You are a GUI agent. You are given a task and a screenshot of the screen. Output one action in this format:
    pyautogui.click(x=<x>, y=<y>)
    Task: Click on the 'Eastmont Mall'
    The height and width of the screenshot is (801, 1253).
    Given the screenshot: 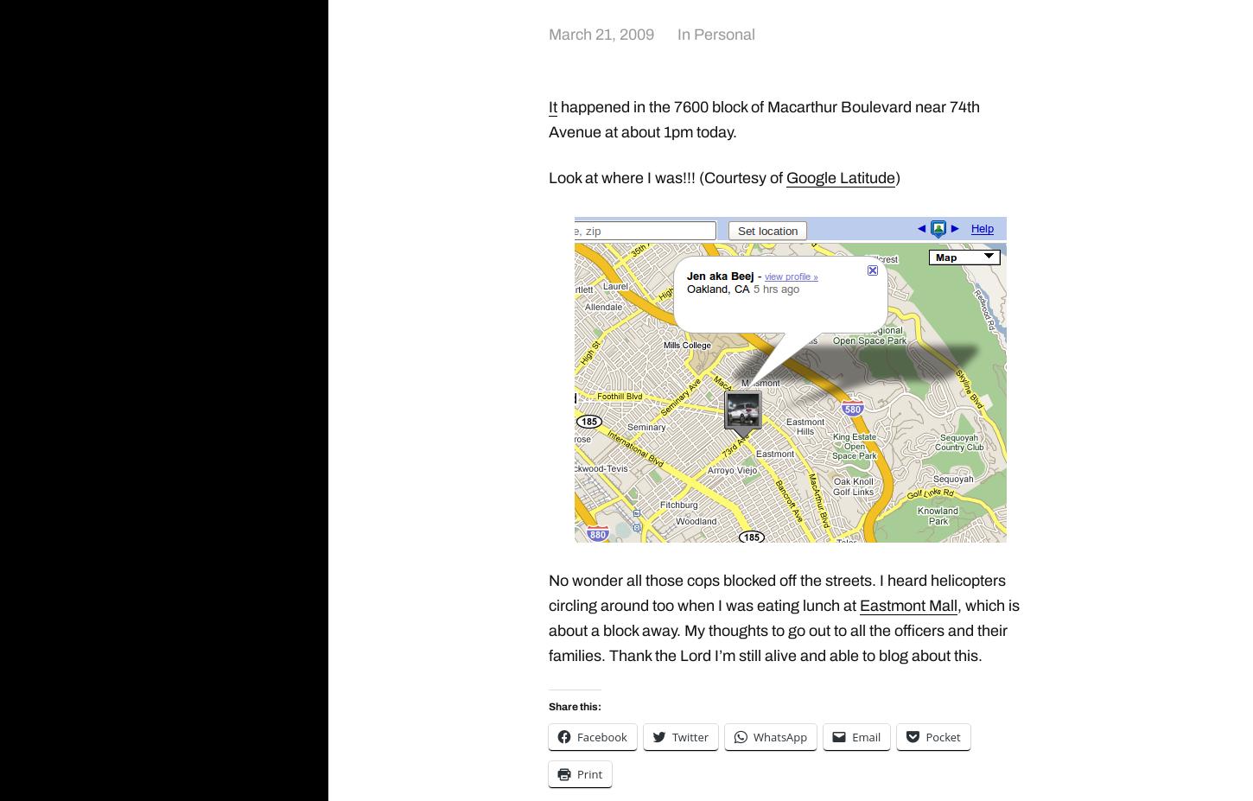 What is the action you would take?
    pyautogui.click(x=908, y=603)
    